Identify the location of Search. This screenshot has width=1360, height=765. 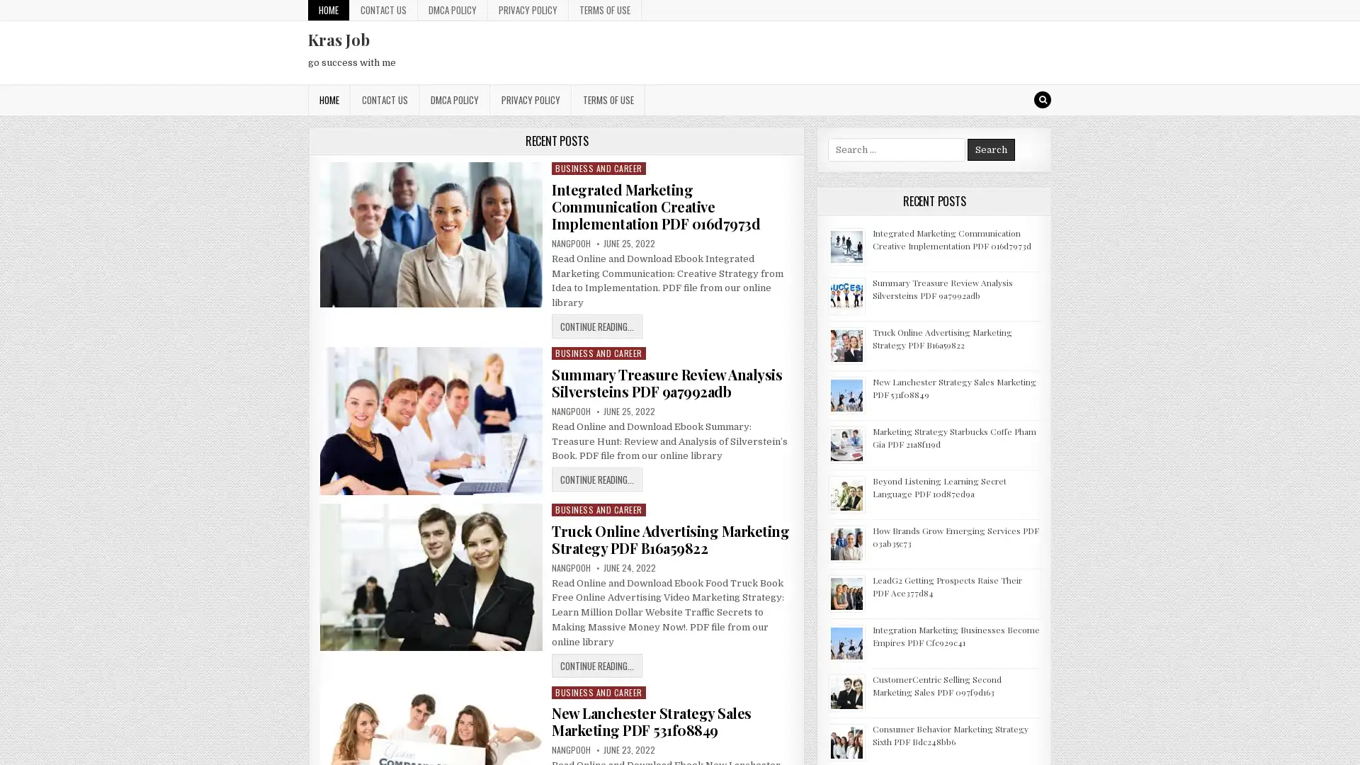
(990, 149).